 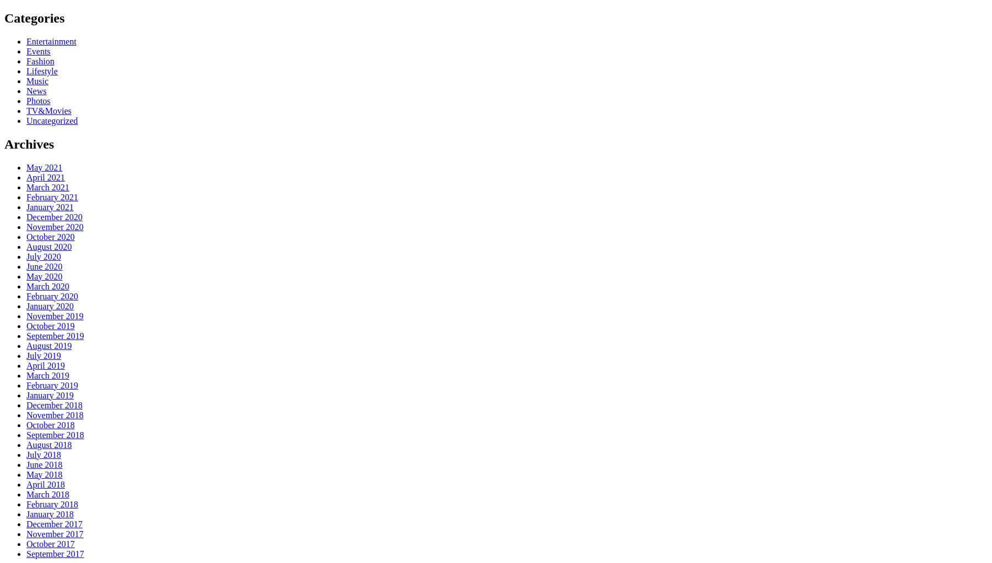 What do you see at coordinates (43, 355) in the screenshot?
I see `'July 2019'` at bounding box center [43, 355].